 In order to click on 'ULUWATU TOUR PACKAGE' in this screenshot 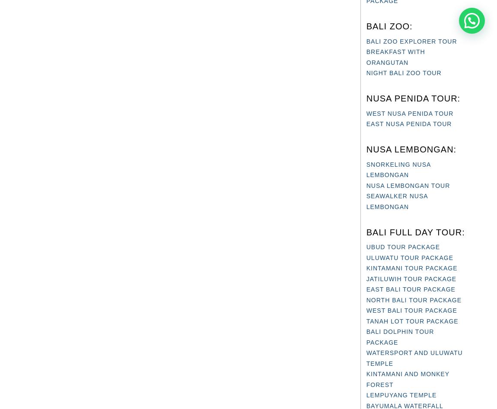, I will do `click(409, 257)`.